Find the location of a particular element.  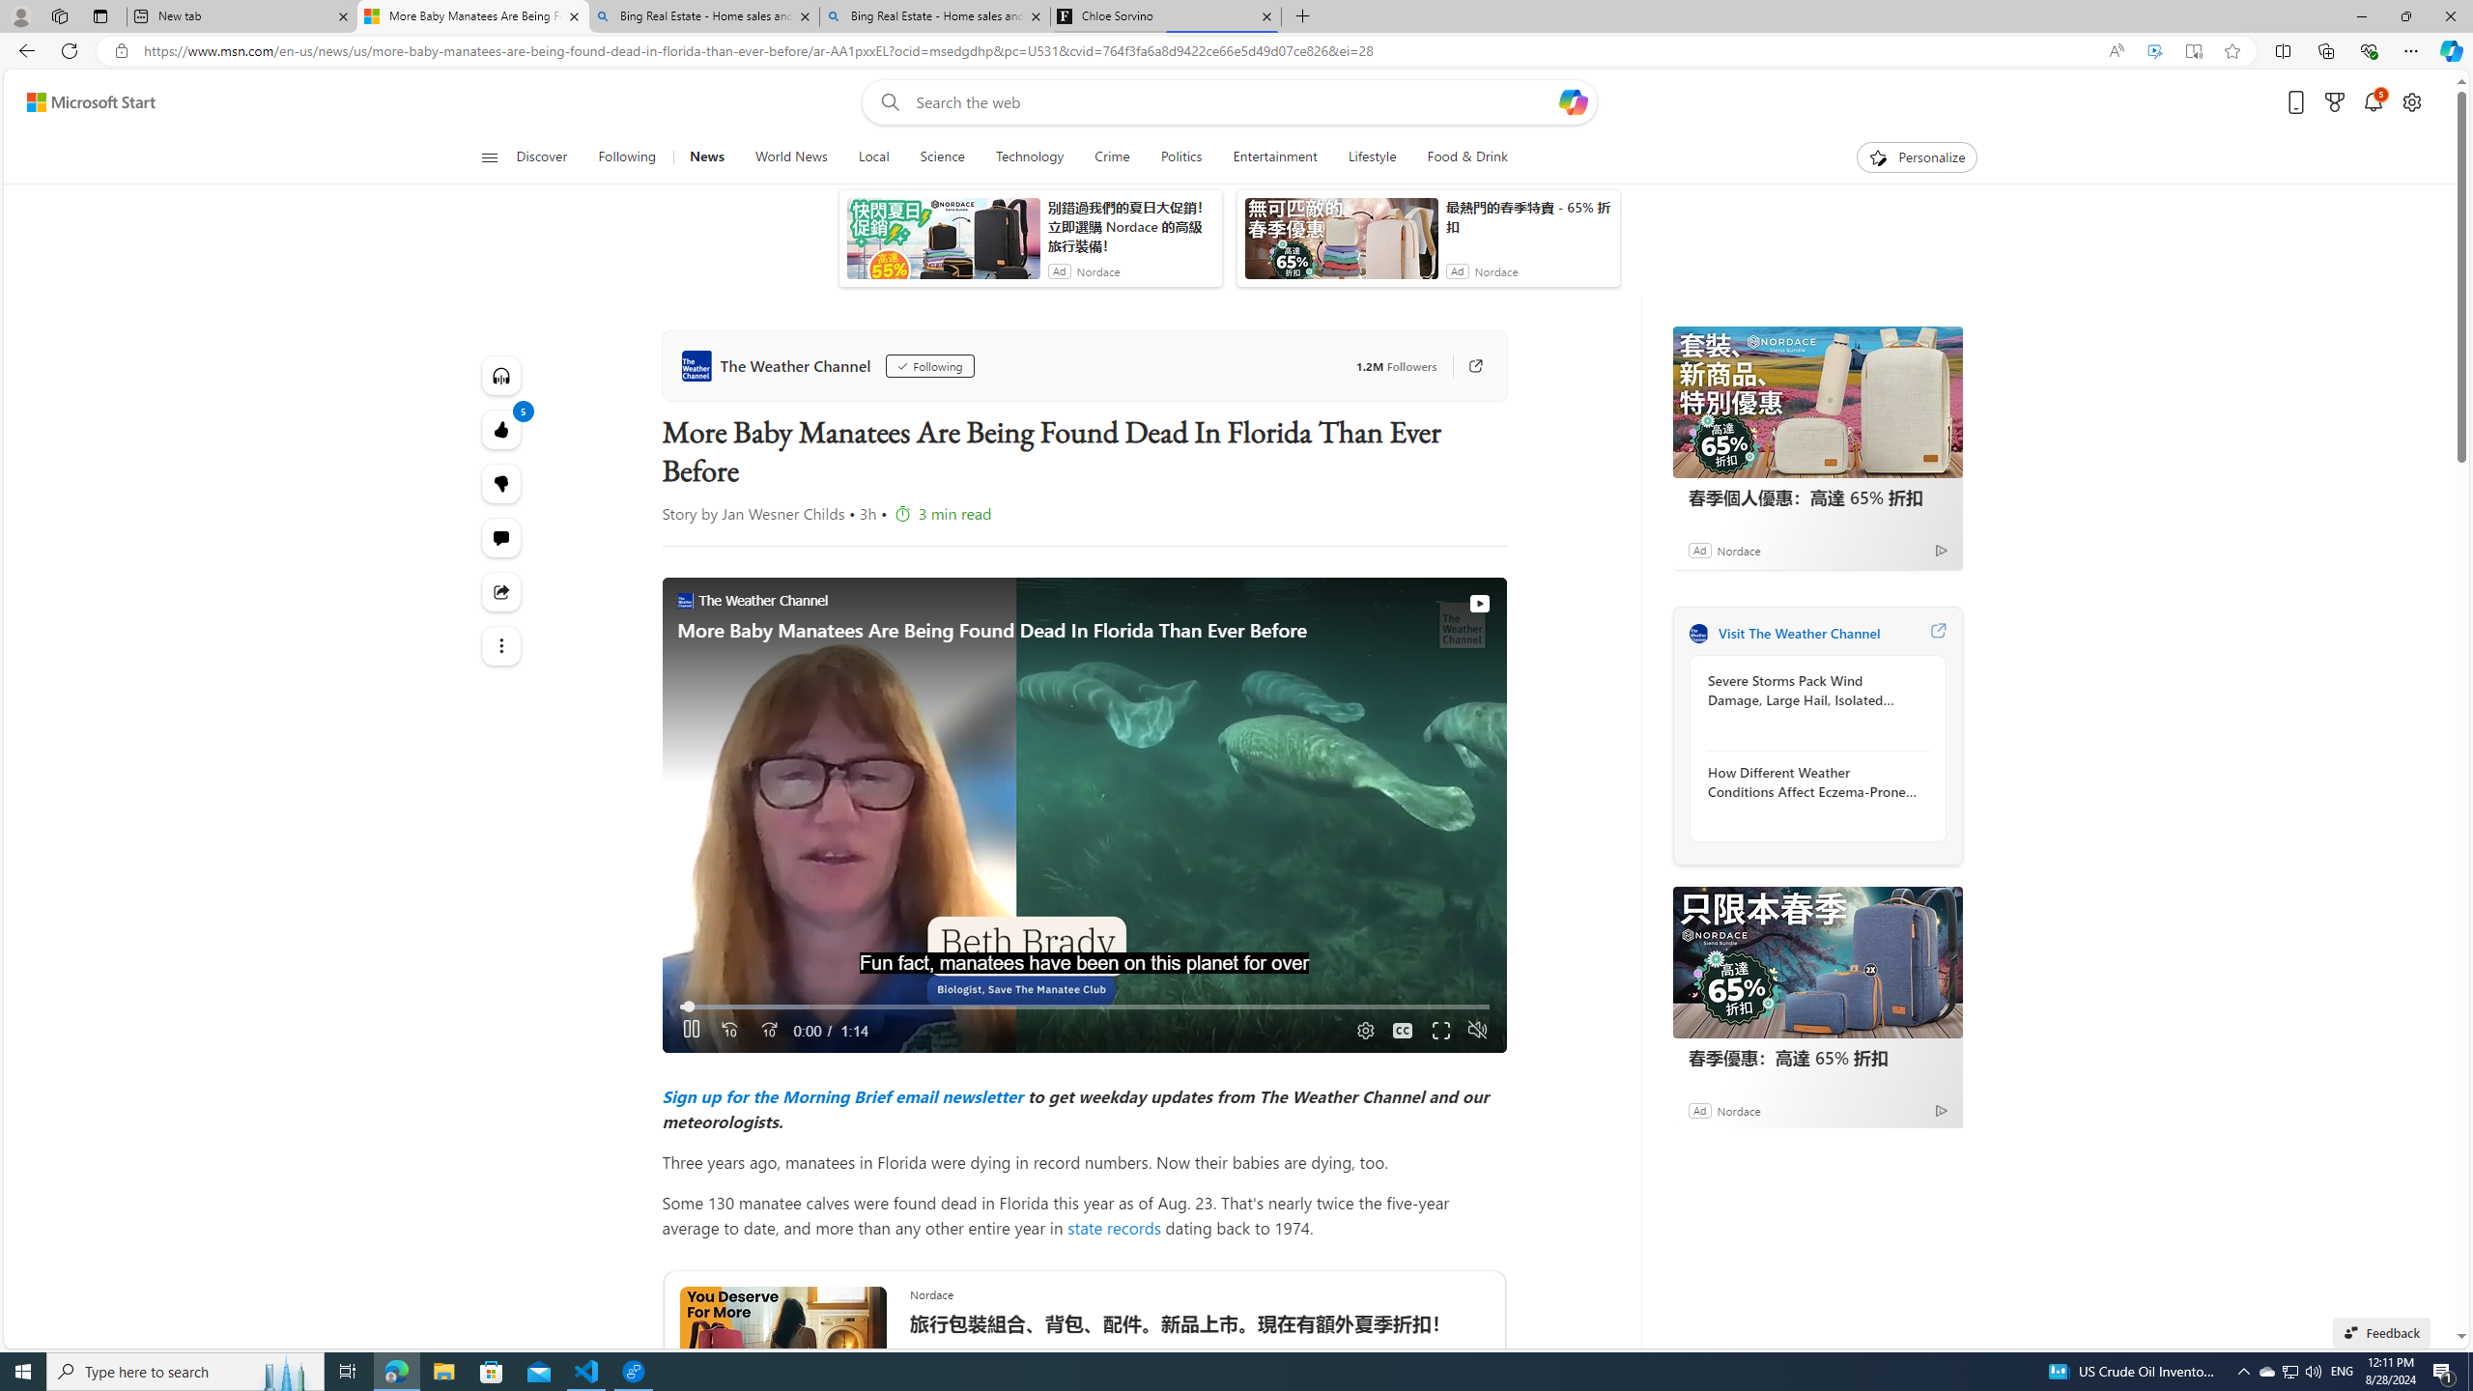

'Seek Back' is located at coordinates (728, 1030).